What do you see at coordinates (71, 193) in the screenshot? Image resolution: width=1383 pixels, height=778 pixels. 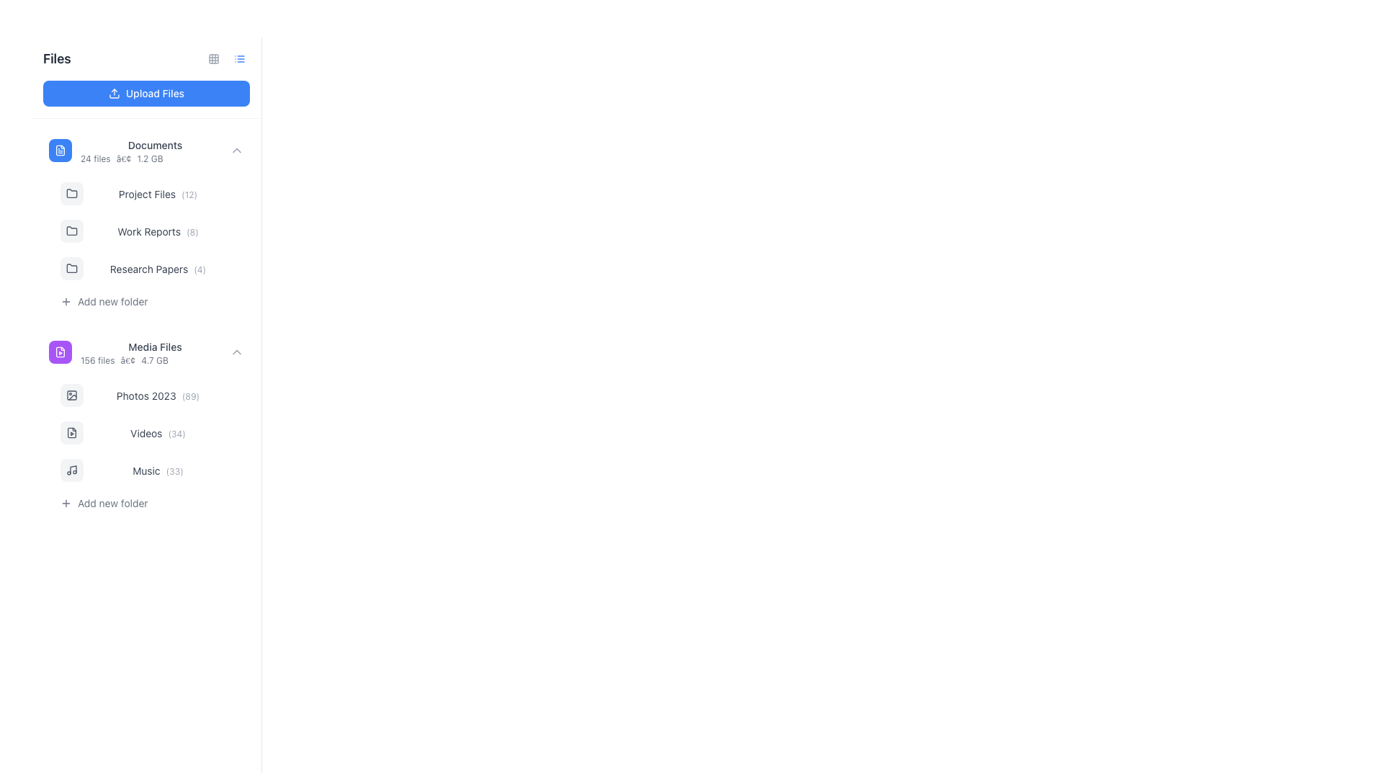 I see `the folder icon button representing 'Project Files'` at bounding box center [71, 193].